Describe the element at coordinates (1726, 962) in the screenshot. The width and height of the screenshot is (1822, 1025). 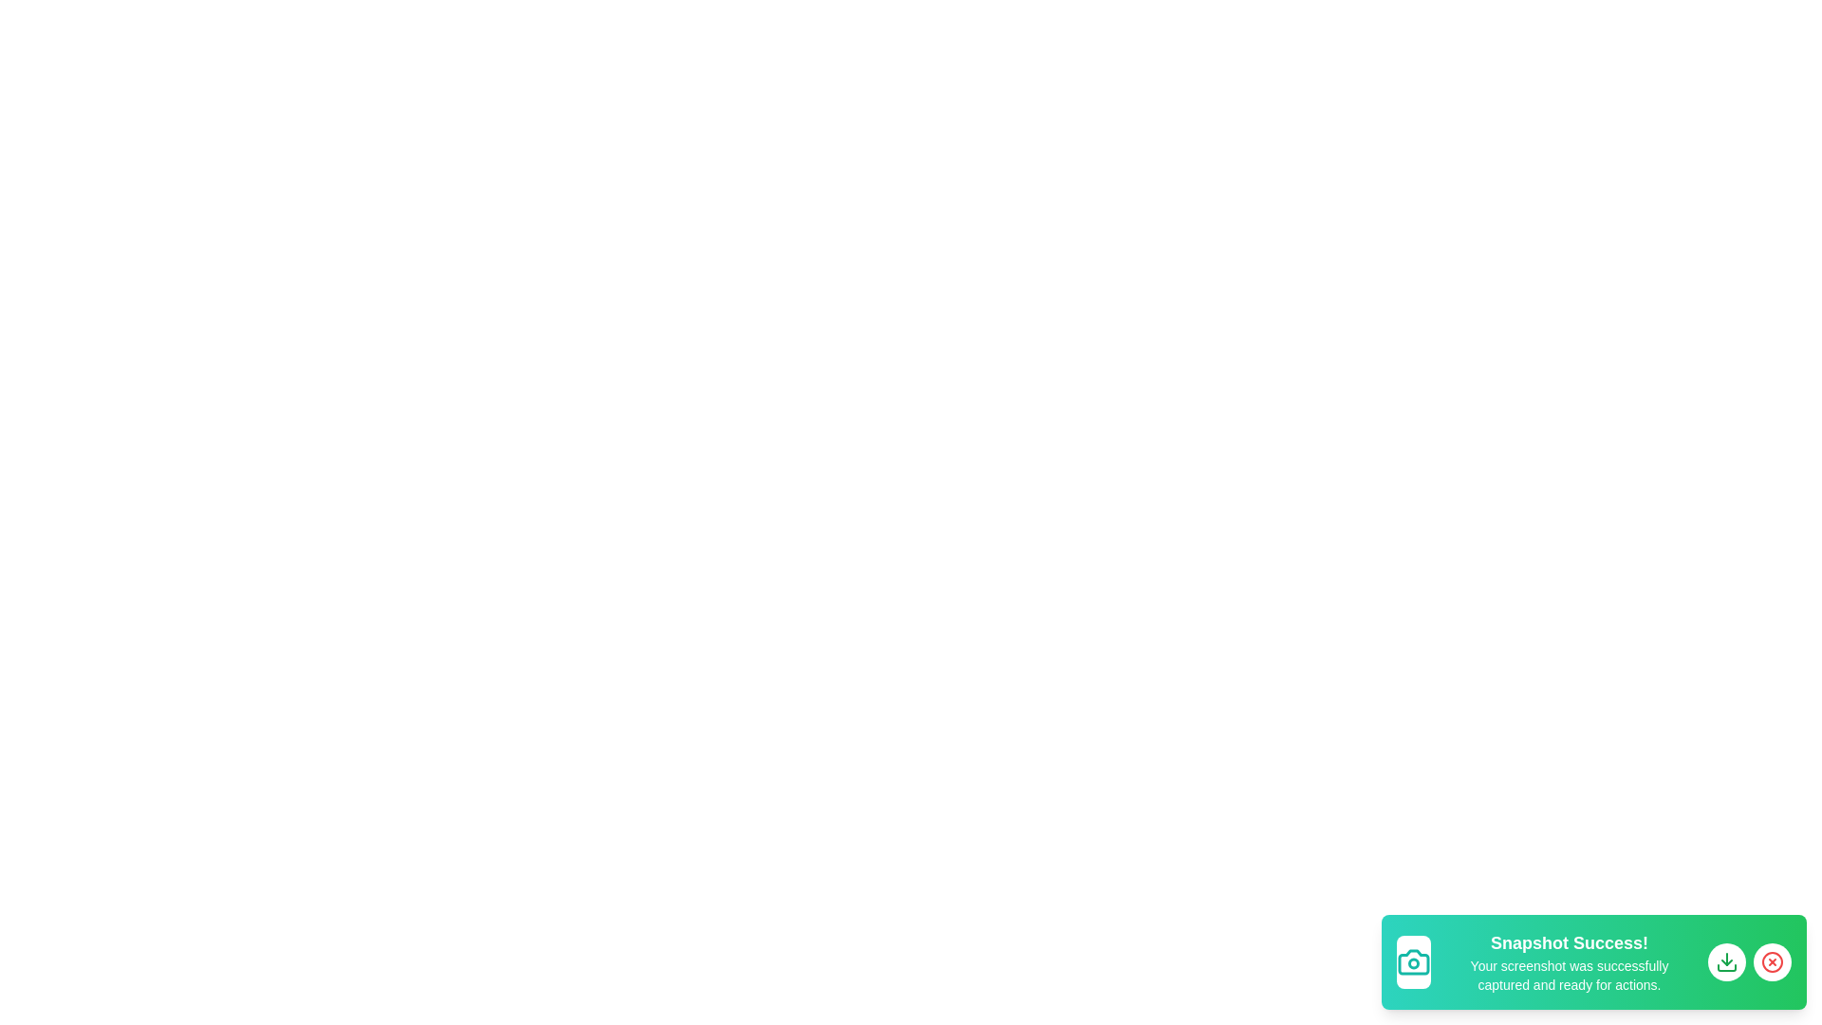
I see `the 'Download' button to initiate the download action` at that location.